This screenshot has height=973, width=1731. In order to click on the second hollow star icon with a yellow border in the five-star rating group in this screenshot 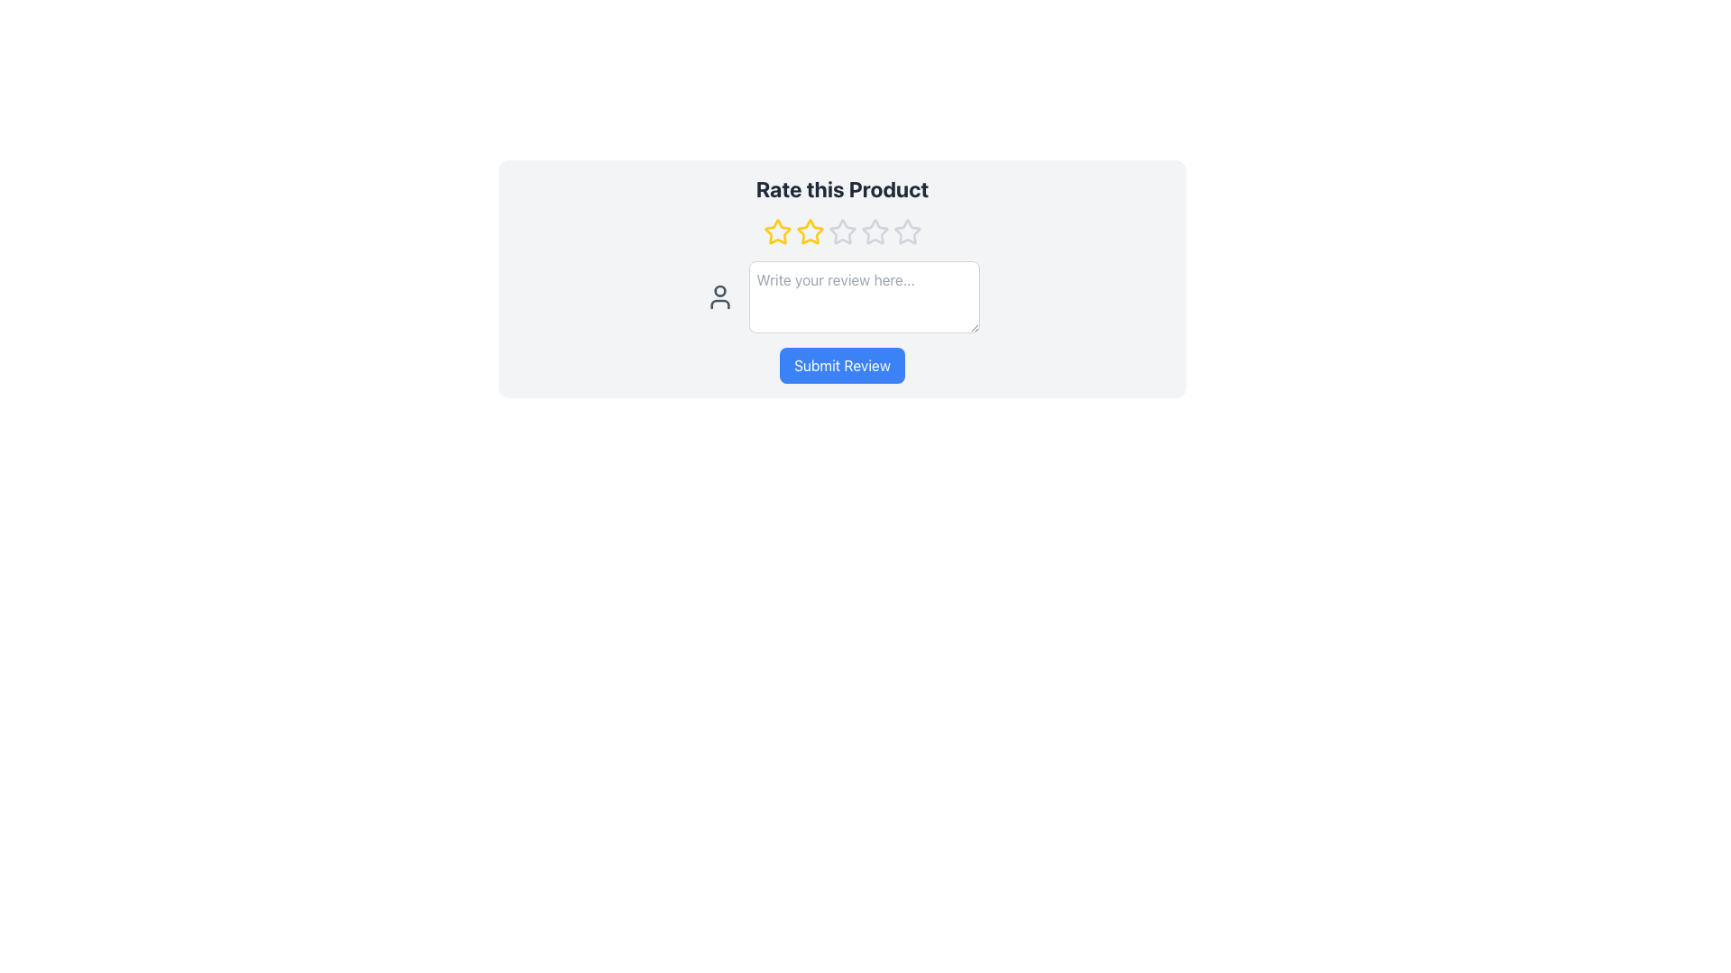, I will do `click(809, 231)`.